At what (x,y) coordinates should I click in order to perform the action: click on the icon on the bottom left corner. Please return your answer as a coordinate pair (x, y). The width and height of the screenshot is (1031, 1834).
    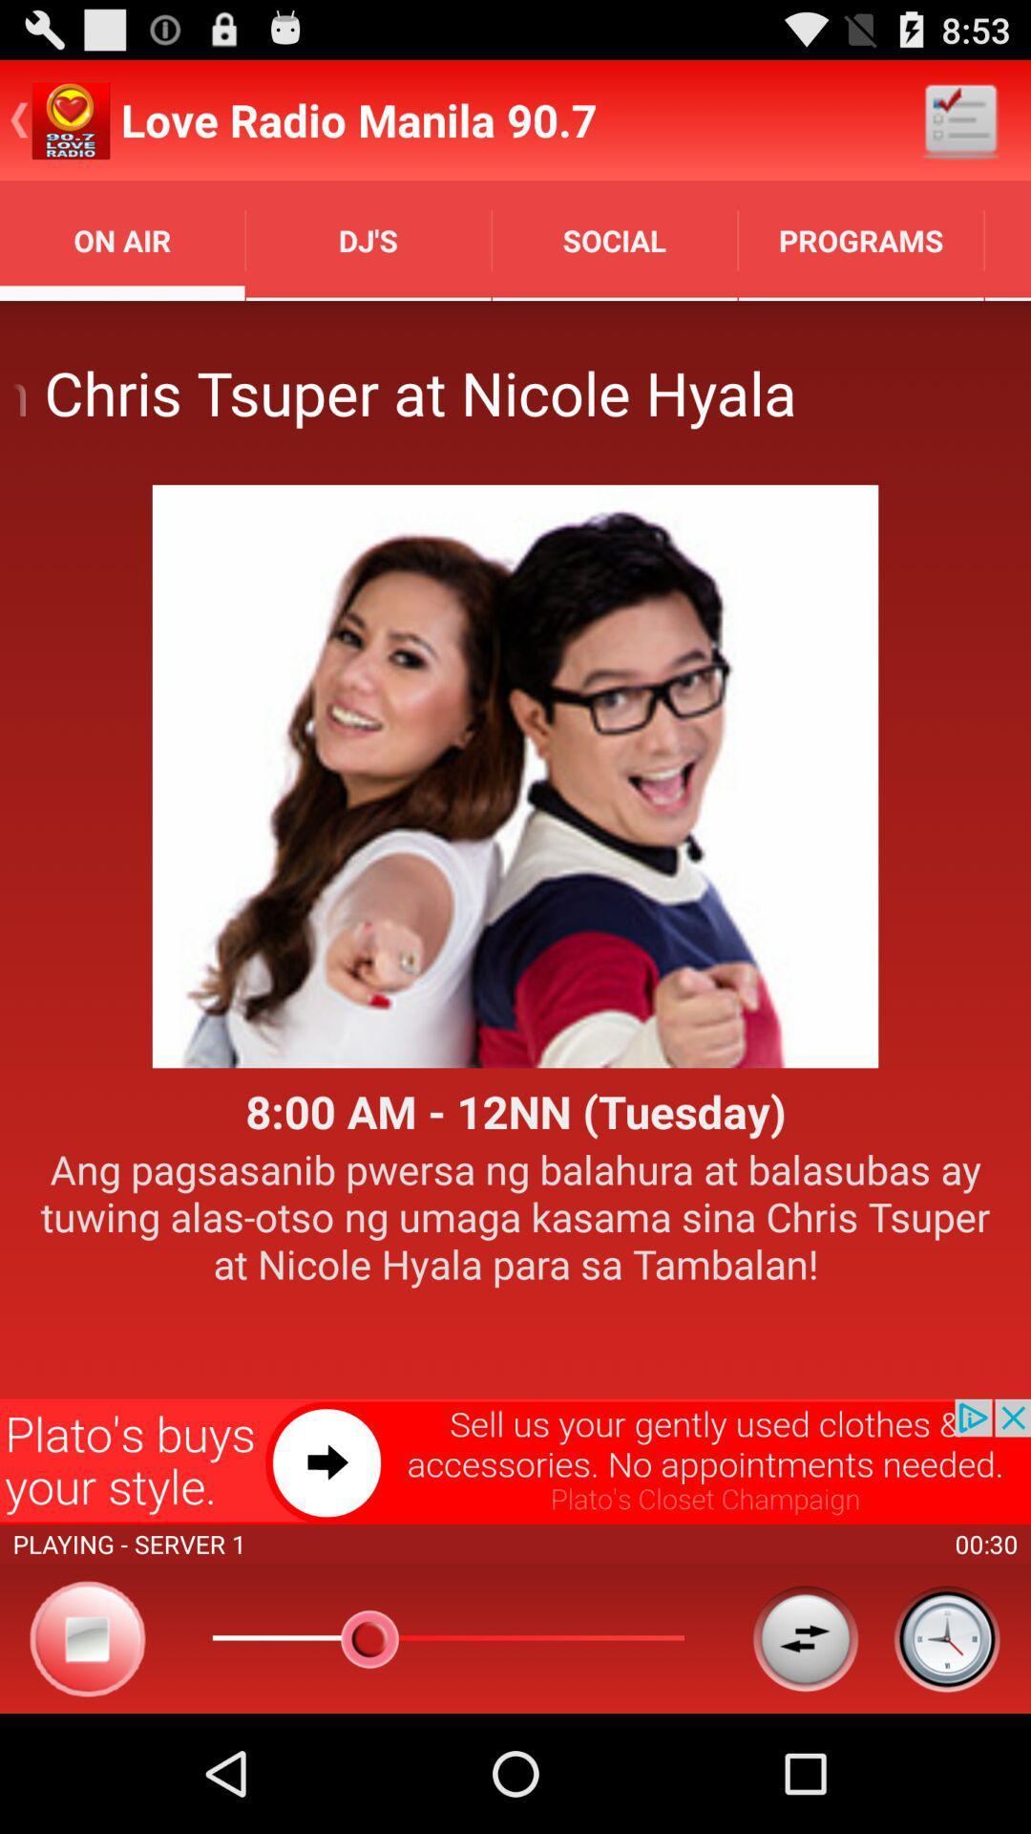
    Looking at the image, I should click on (88, 1637).